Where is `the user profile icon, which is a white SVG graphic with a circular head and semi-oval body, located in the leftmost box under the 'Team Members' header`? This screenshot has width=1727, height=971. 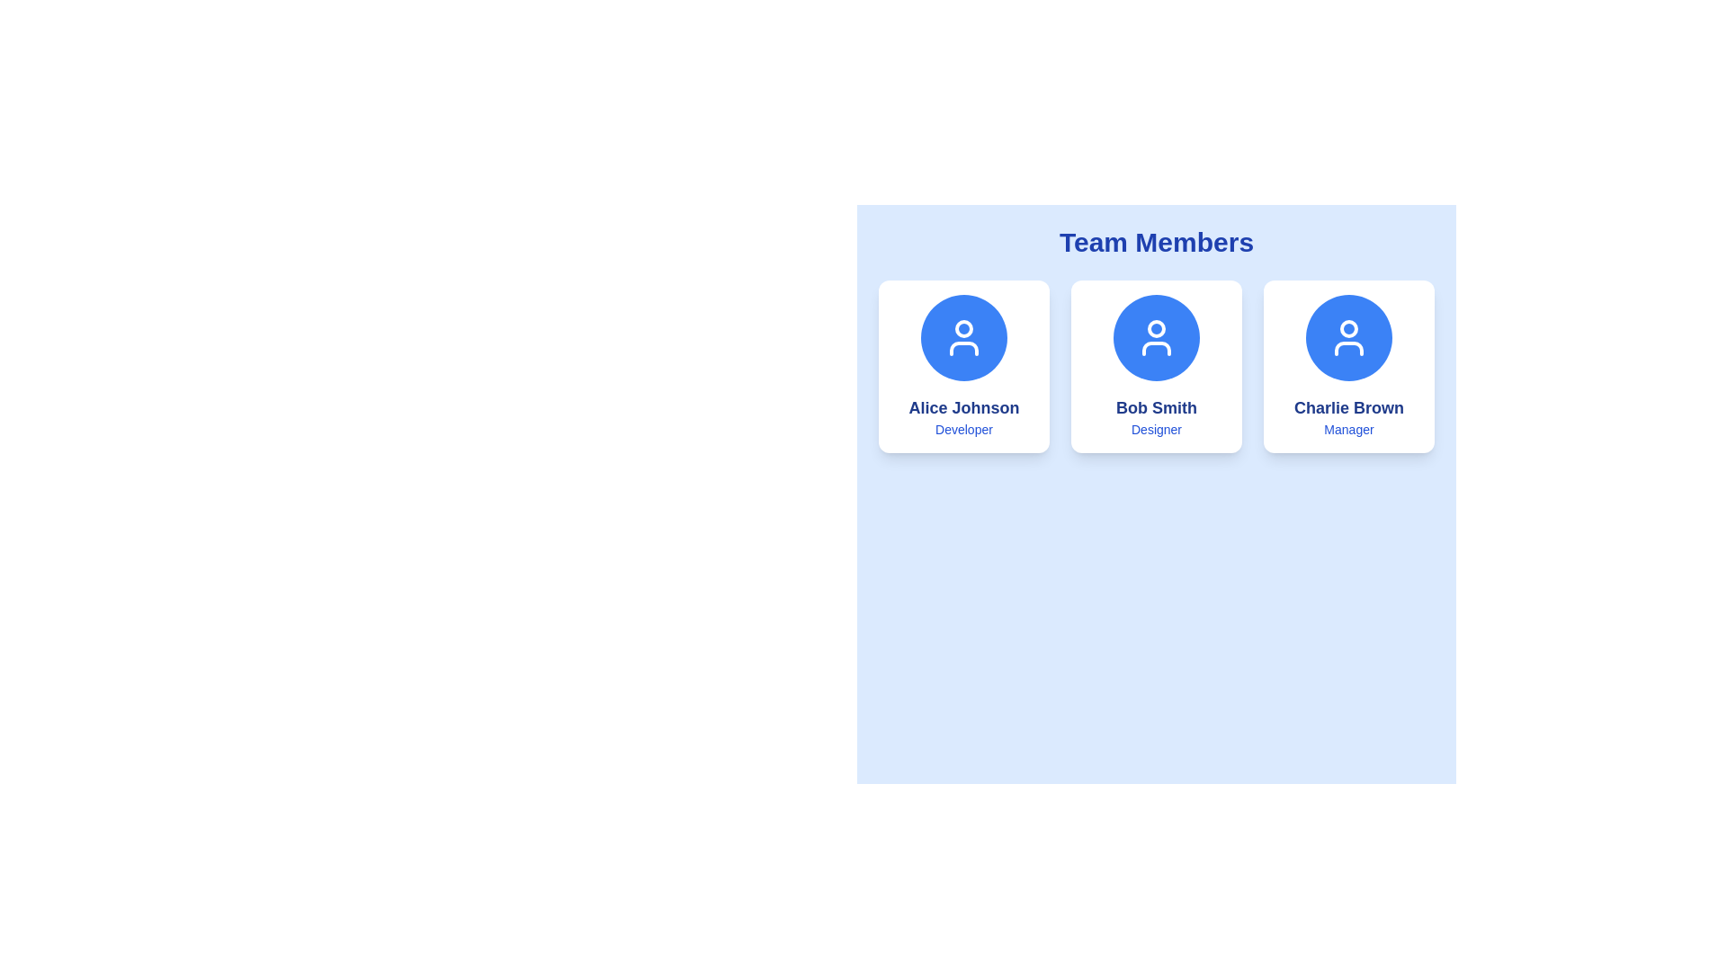 the user profile icon, which is a white SVG graphic with a circular head and semi-oval body, located in the leftmost box under the 'Team Members' header is located at coordinates (962, 337).